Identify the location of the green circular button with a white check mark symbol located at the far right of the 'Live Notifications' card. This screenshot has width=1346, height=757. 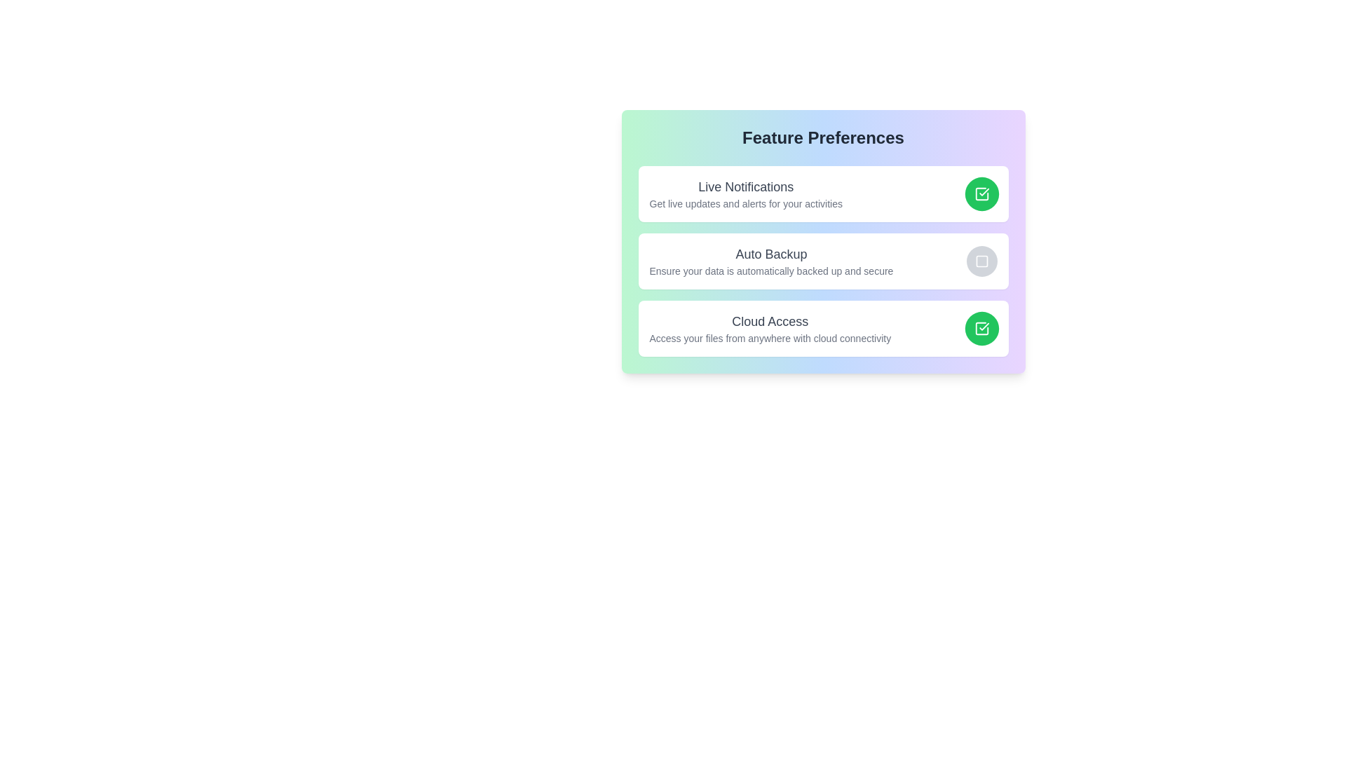
(981, 194).